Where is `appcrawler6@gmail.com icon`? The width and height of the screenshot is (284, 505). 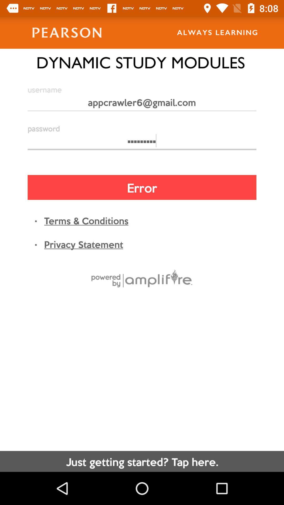 appcrawler6@gmail.com icon is located at coordinates (142, 104).